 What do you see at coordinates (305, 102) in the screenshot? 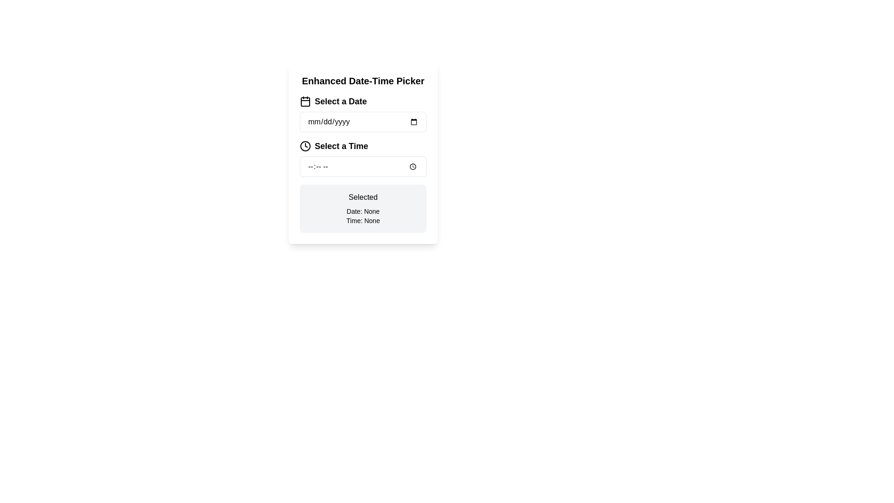
I see `the calendar icon located to the left of the label 'Select a Date' in the date and time picker tool interface` at bounding box center [305, 102].